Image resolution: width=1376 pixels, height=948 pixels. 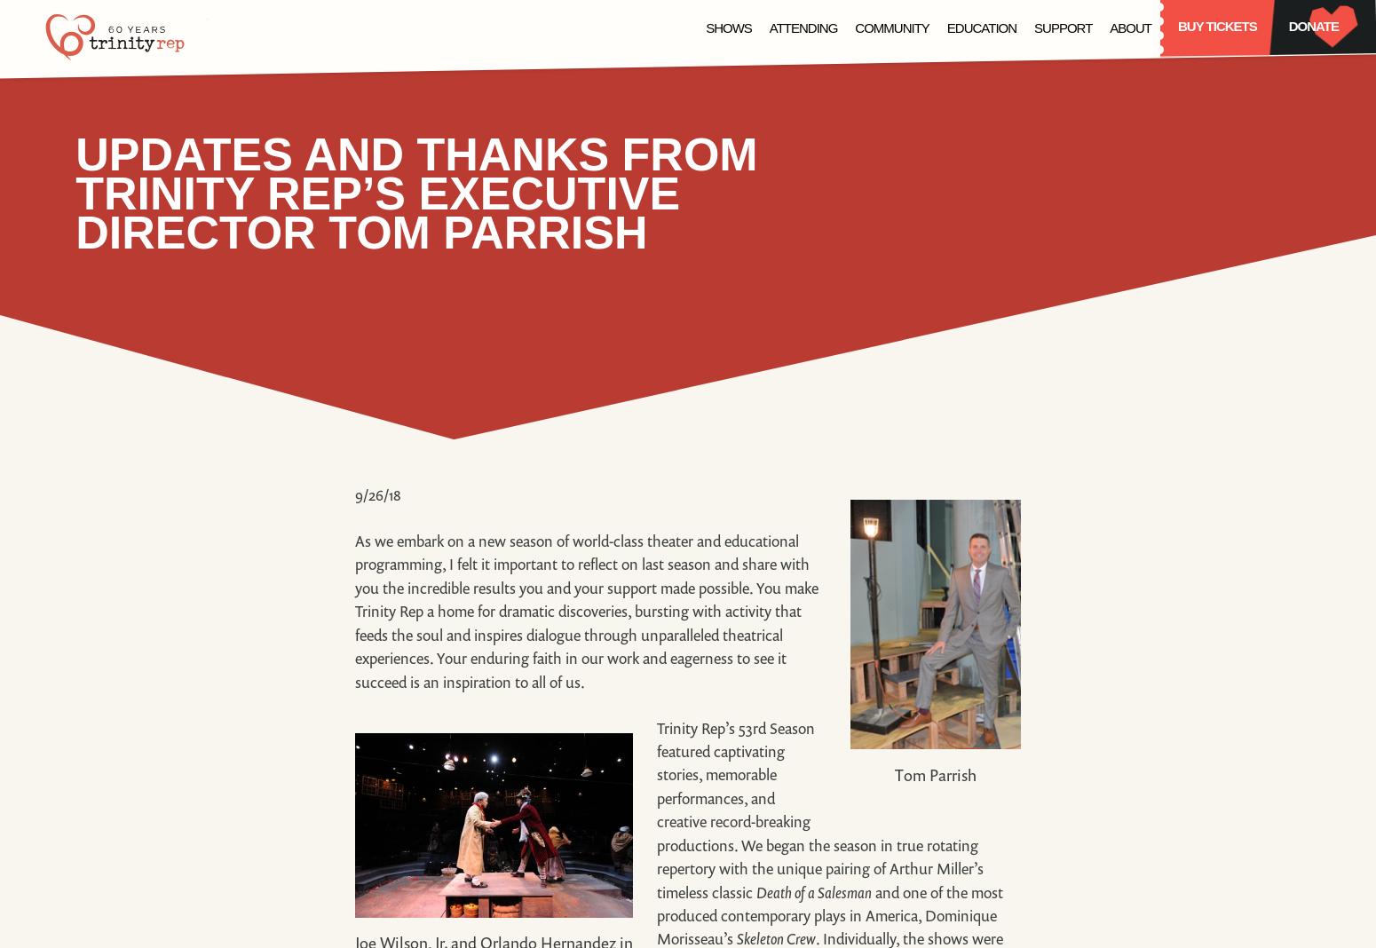 I want to click on 'Becky Nurse of Salem', so click(x=671, y=122).